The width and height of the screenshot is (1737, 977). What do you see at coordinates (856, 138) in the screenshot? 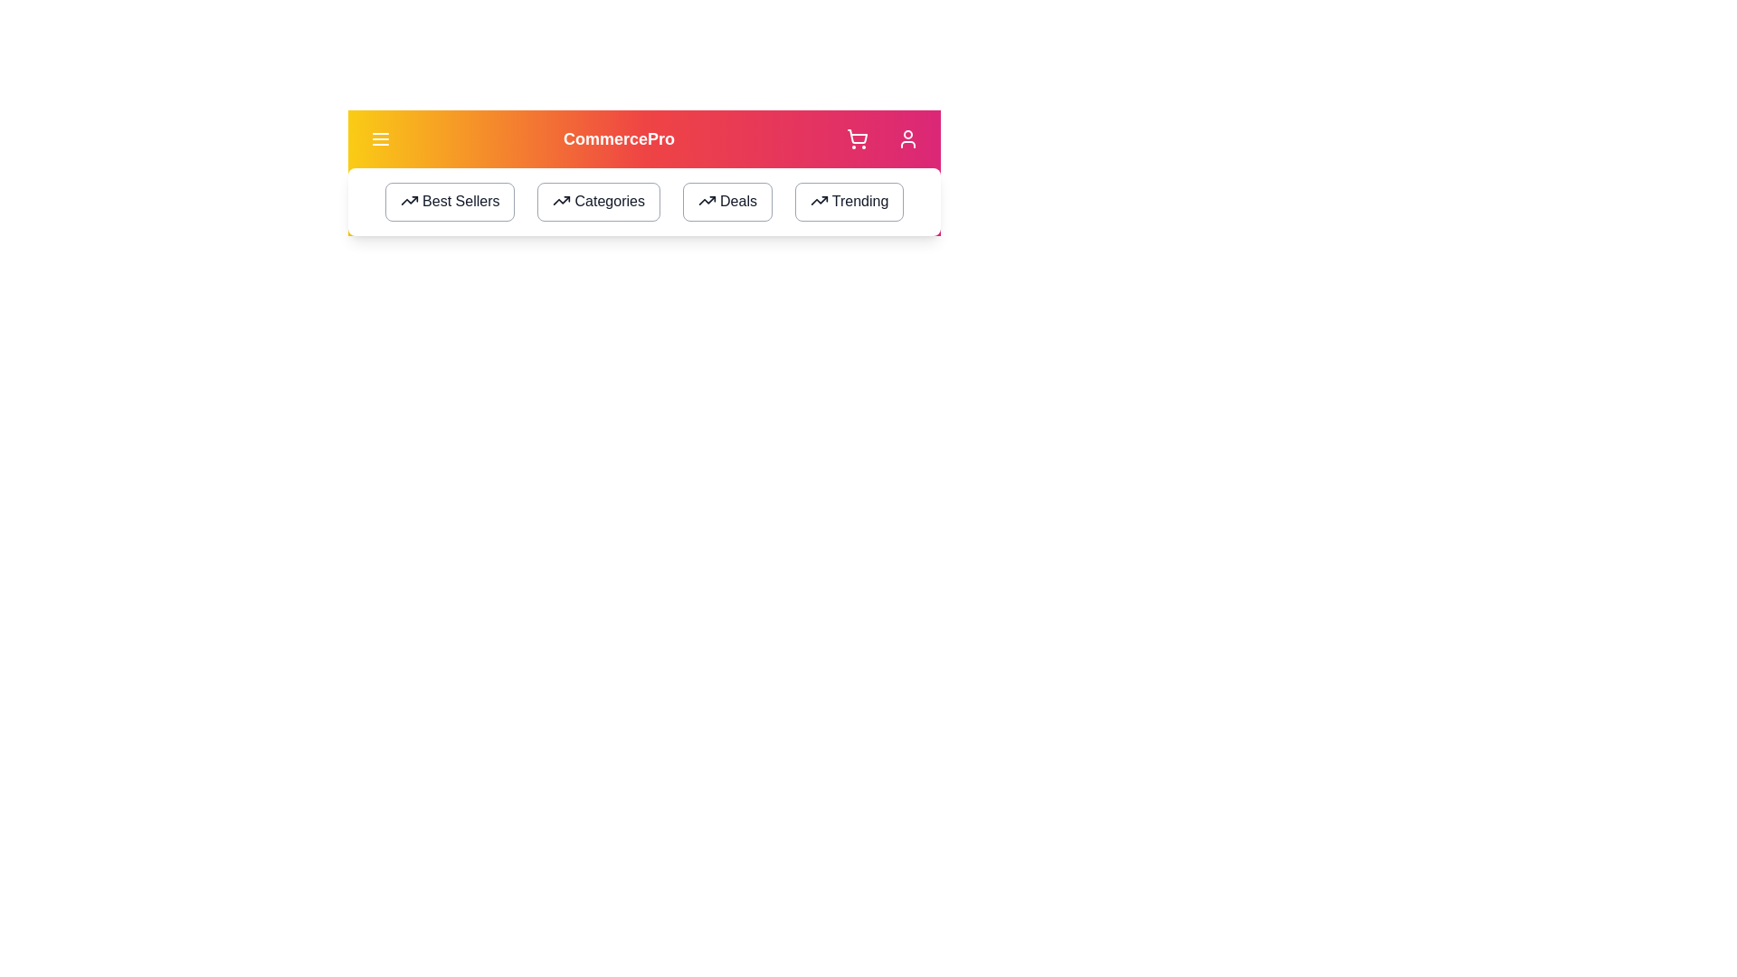
I see `the shopping cart icon to access the shopping cart` at bounding box center [856, 138].